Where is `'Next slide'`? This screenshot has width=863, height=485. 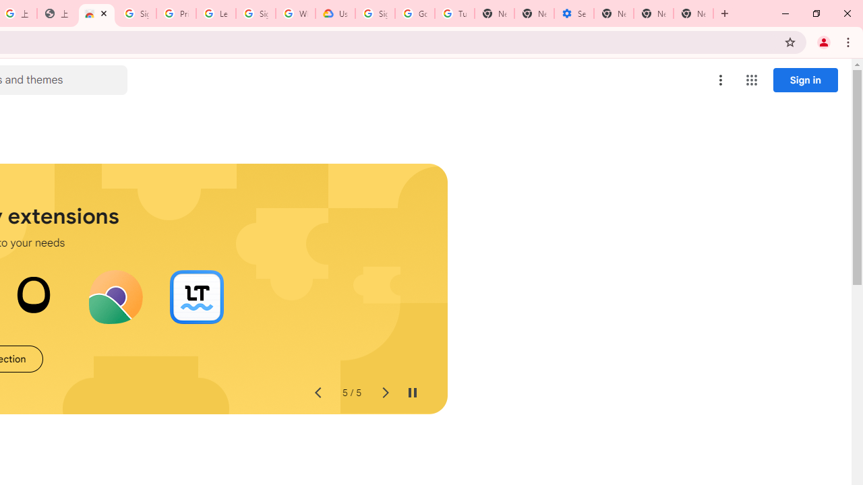 'Next slide' is located at coordinates (384, 393).